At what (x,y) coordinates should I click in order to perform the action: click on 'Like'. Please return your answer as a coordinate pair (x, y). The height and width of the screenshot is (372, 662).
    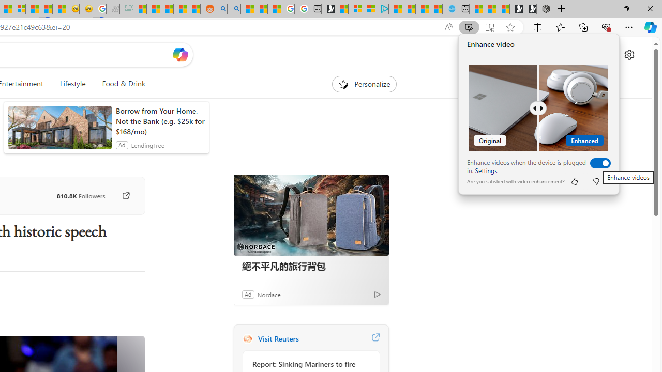
    Looking at the image, I should click on (574, 181).